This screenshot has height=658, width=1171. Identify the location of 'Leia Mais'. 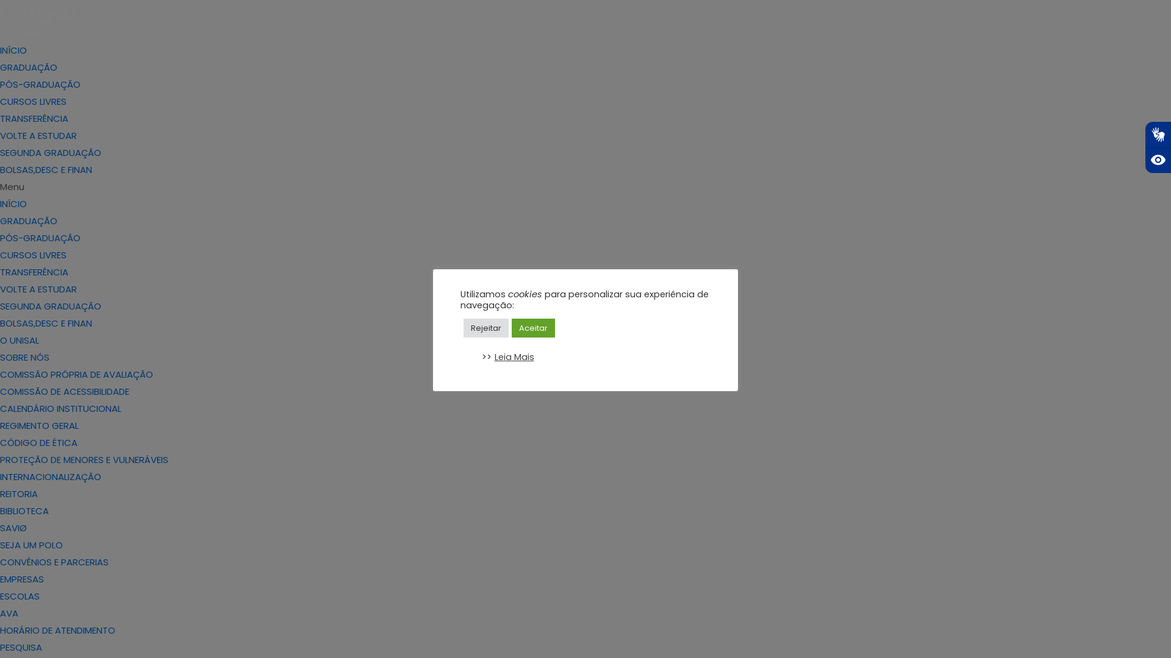
(514, 356).